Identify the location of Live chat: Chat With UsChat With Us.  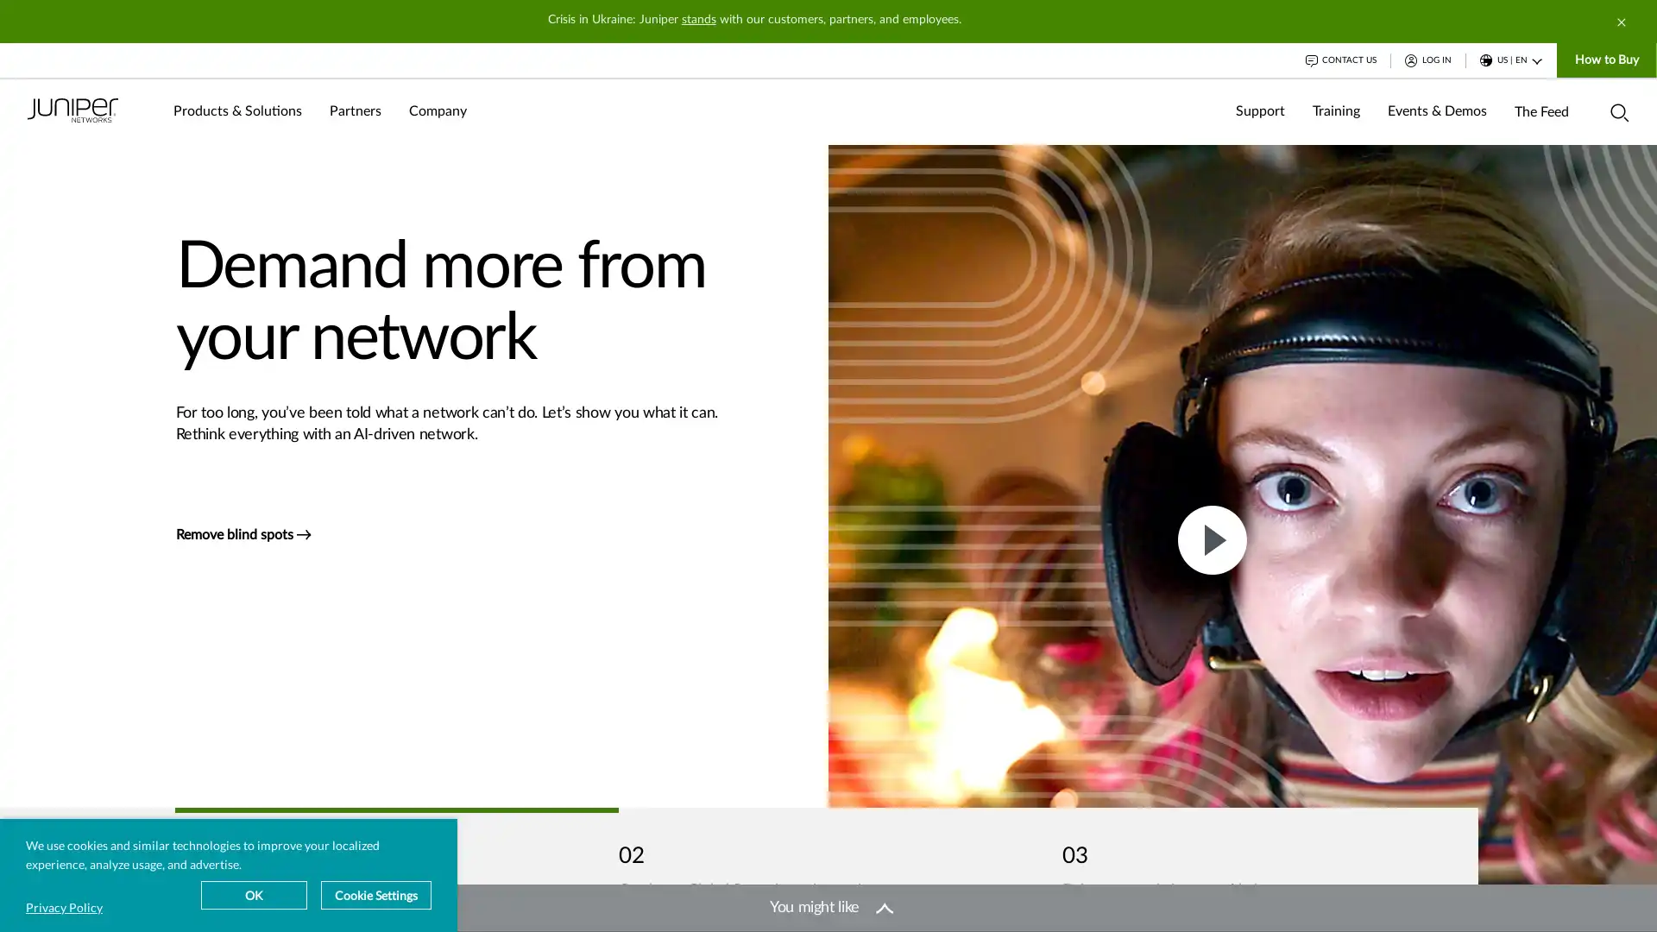
(1542, 898).